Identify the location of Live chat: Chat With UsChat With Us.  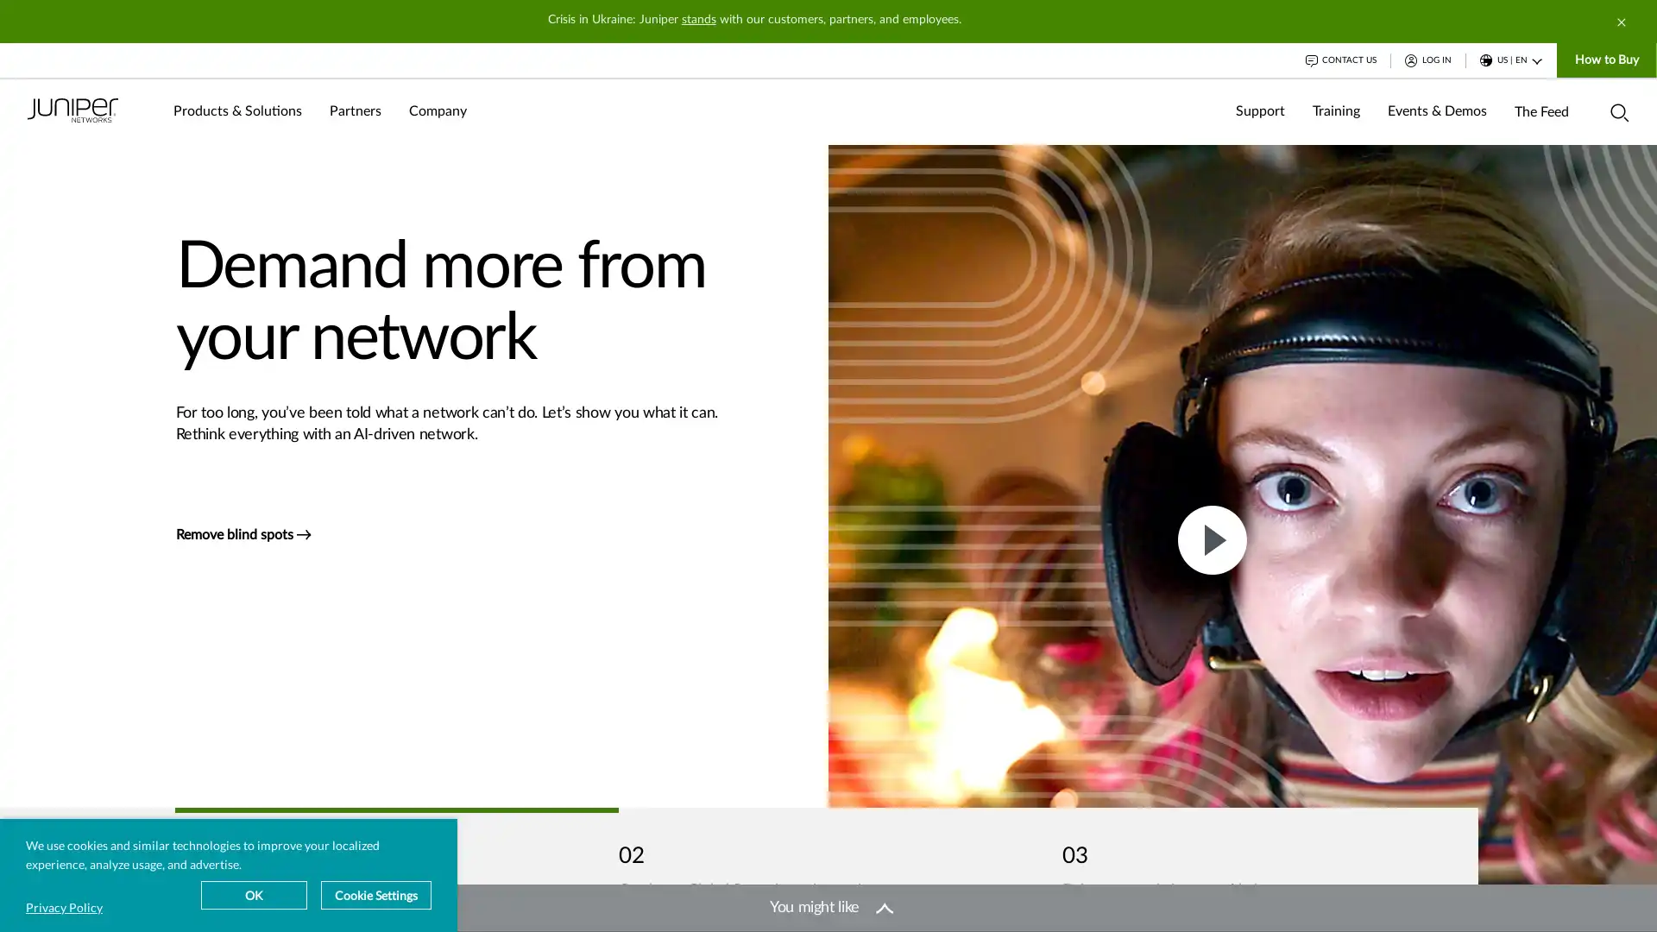
(1542, 898).